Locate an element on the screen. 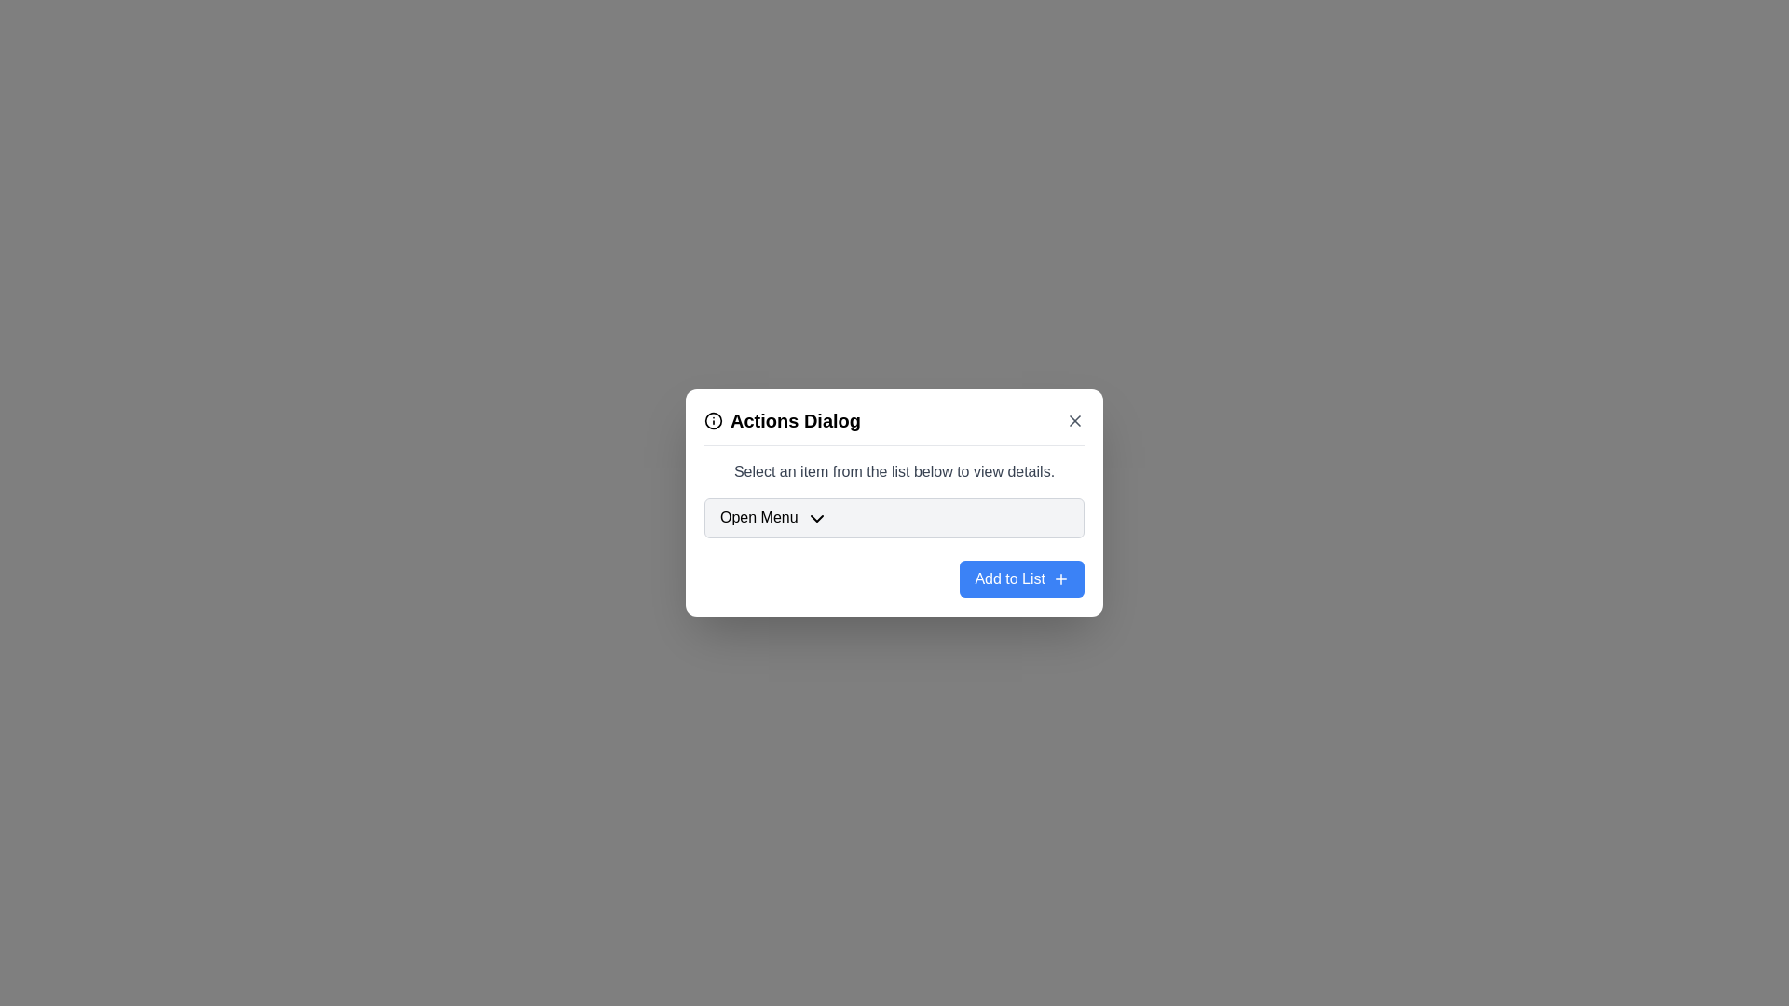 This screenshot has height=1006, width=1789. 'Add to List' button to perform the action is located at coordinates (1021, 578).